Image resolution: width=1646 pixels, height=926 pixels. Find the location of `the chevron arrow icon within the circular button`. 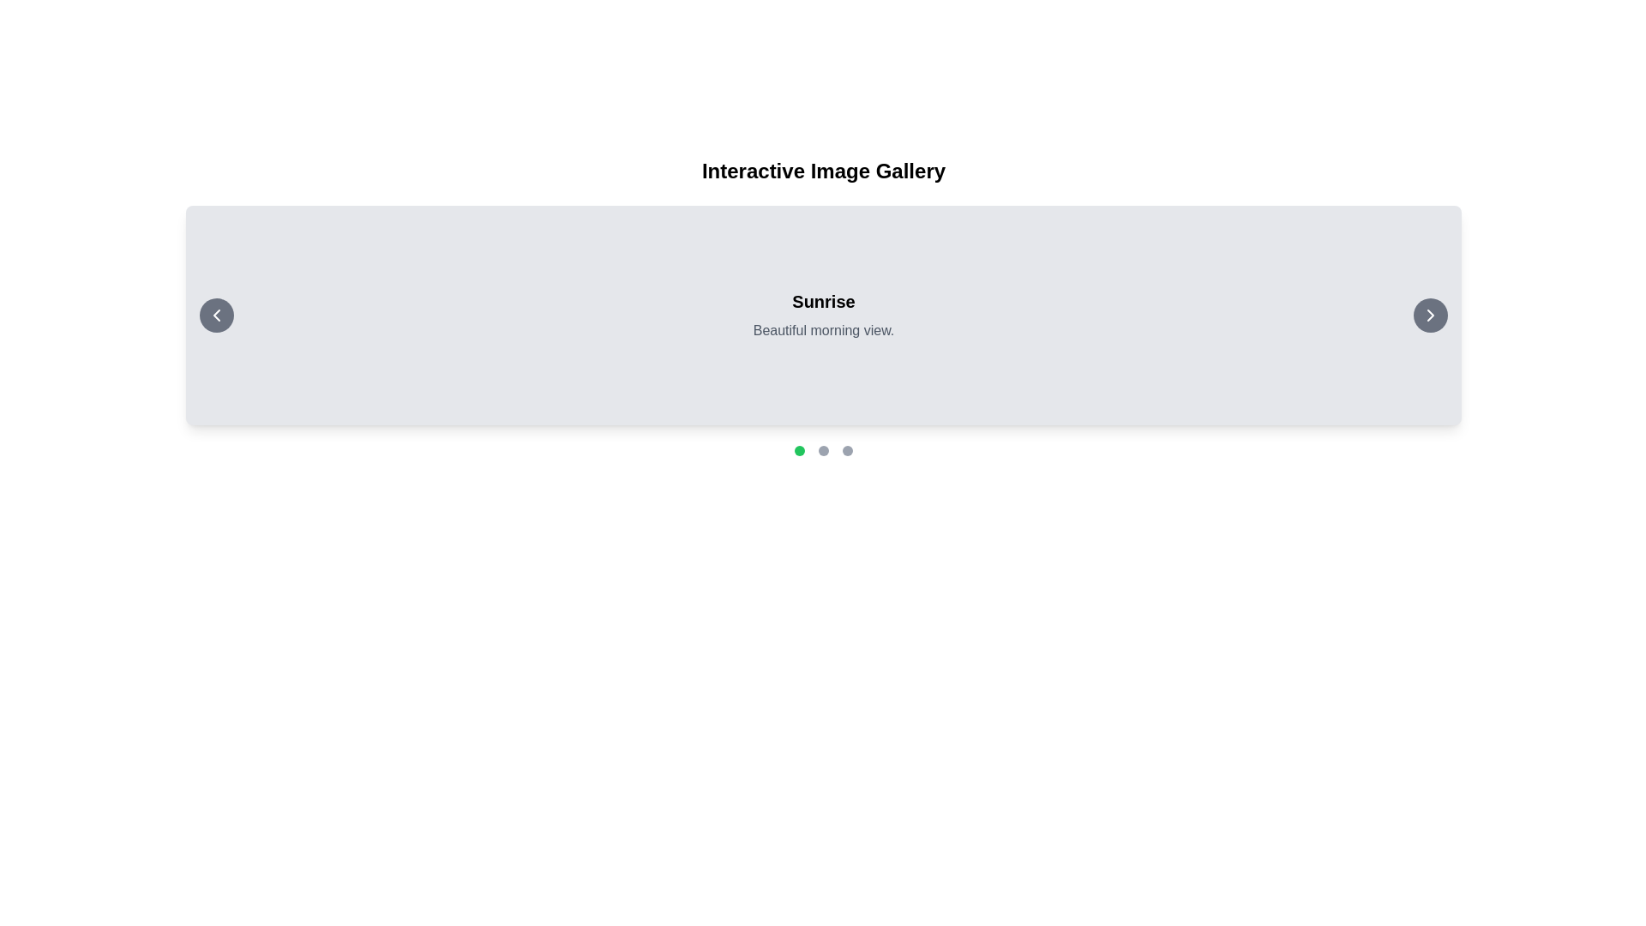

the chevron arrow icon within the circular button is located at coordinates (1431, 315).